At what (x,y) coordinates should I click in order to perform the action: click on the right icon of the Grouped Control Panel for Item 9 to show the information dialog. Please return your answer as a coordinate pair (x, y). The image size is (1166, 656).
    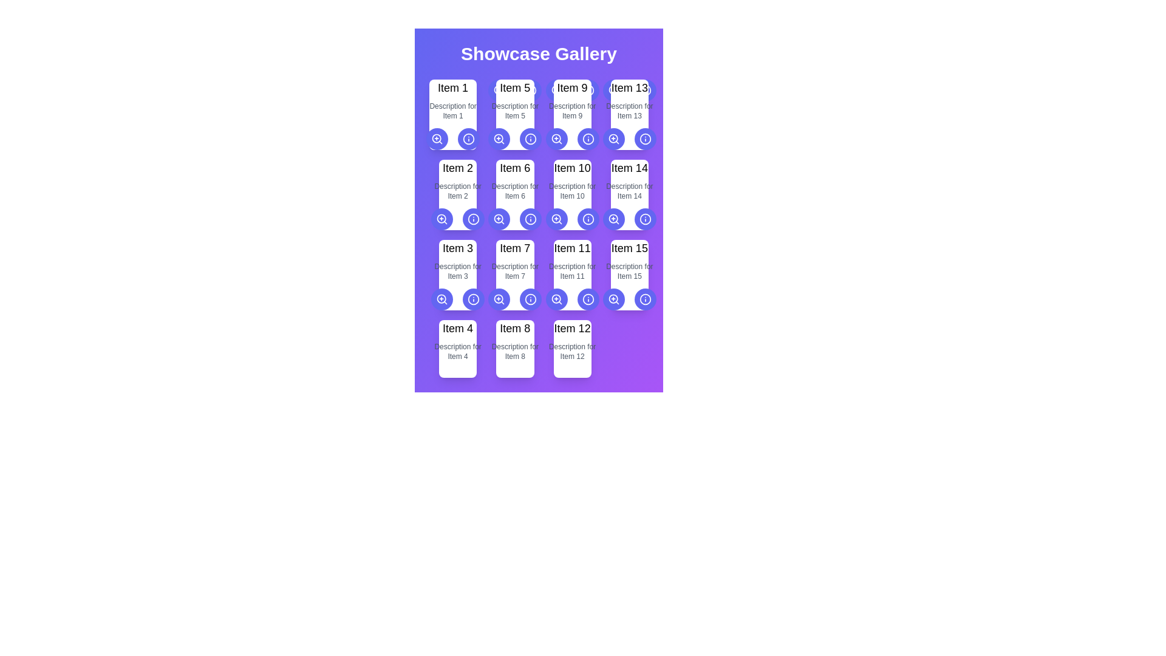
    Looking at the image, I should click on (571, 138).